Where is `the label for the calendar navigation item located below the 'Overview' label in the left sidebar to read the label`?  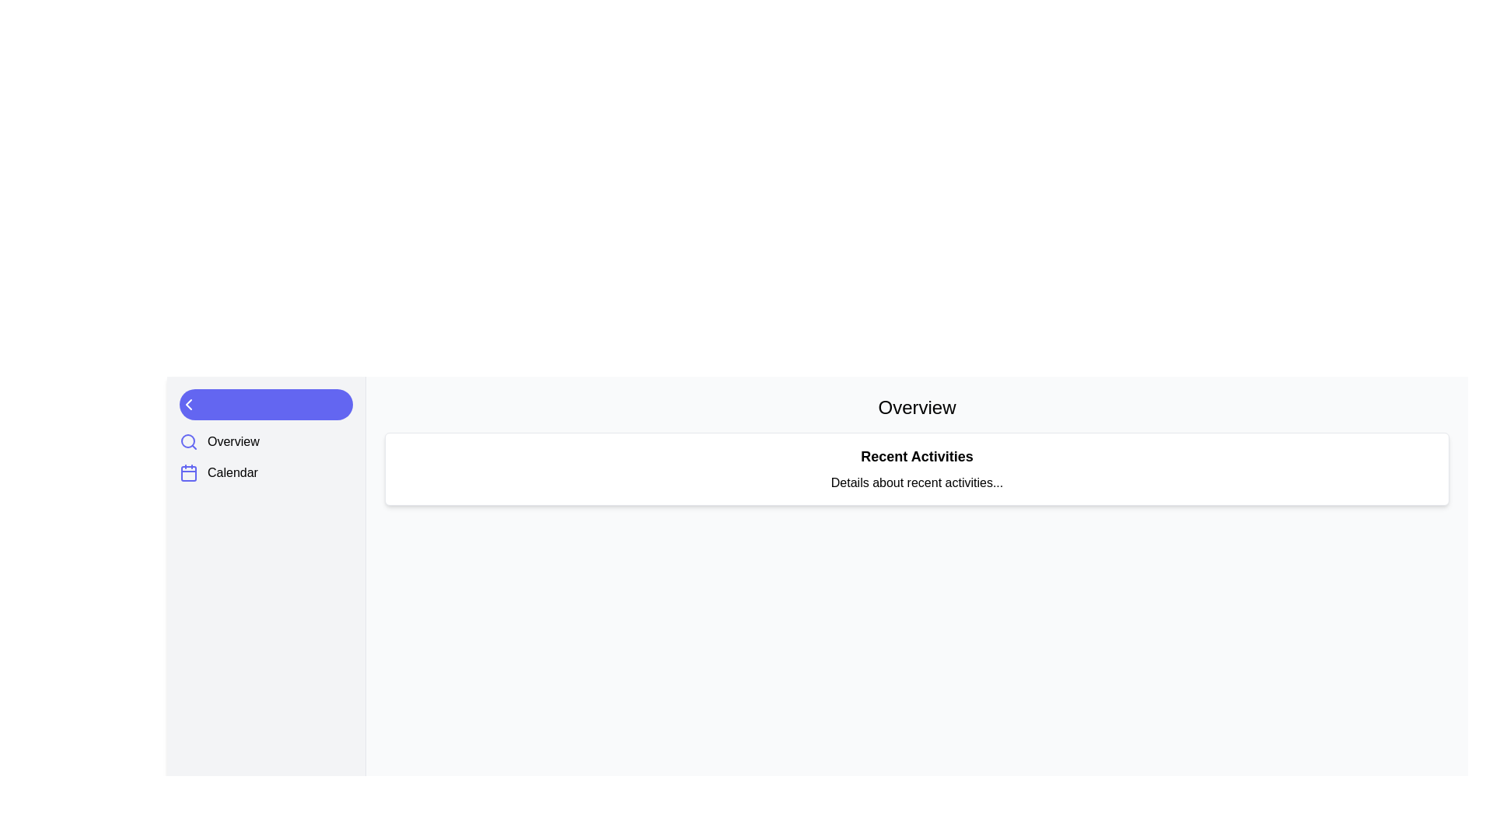
the label for the calendar navigation item located below the 'Overview' label in the left sidebar to read the label is located at coordinates (232, 472).